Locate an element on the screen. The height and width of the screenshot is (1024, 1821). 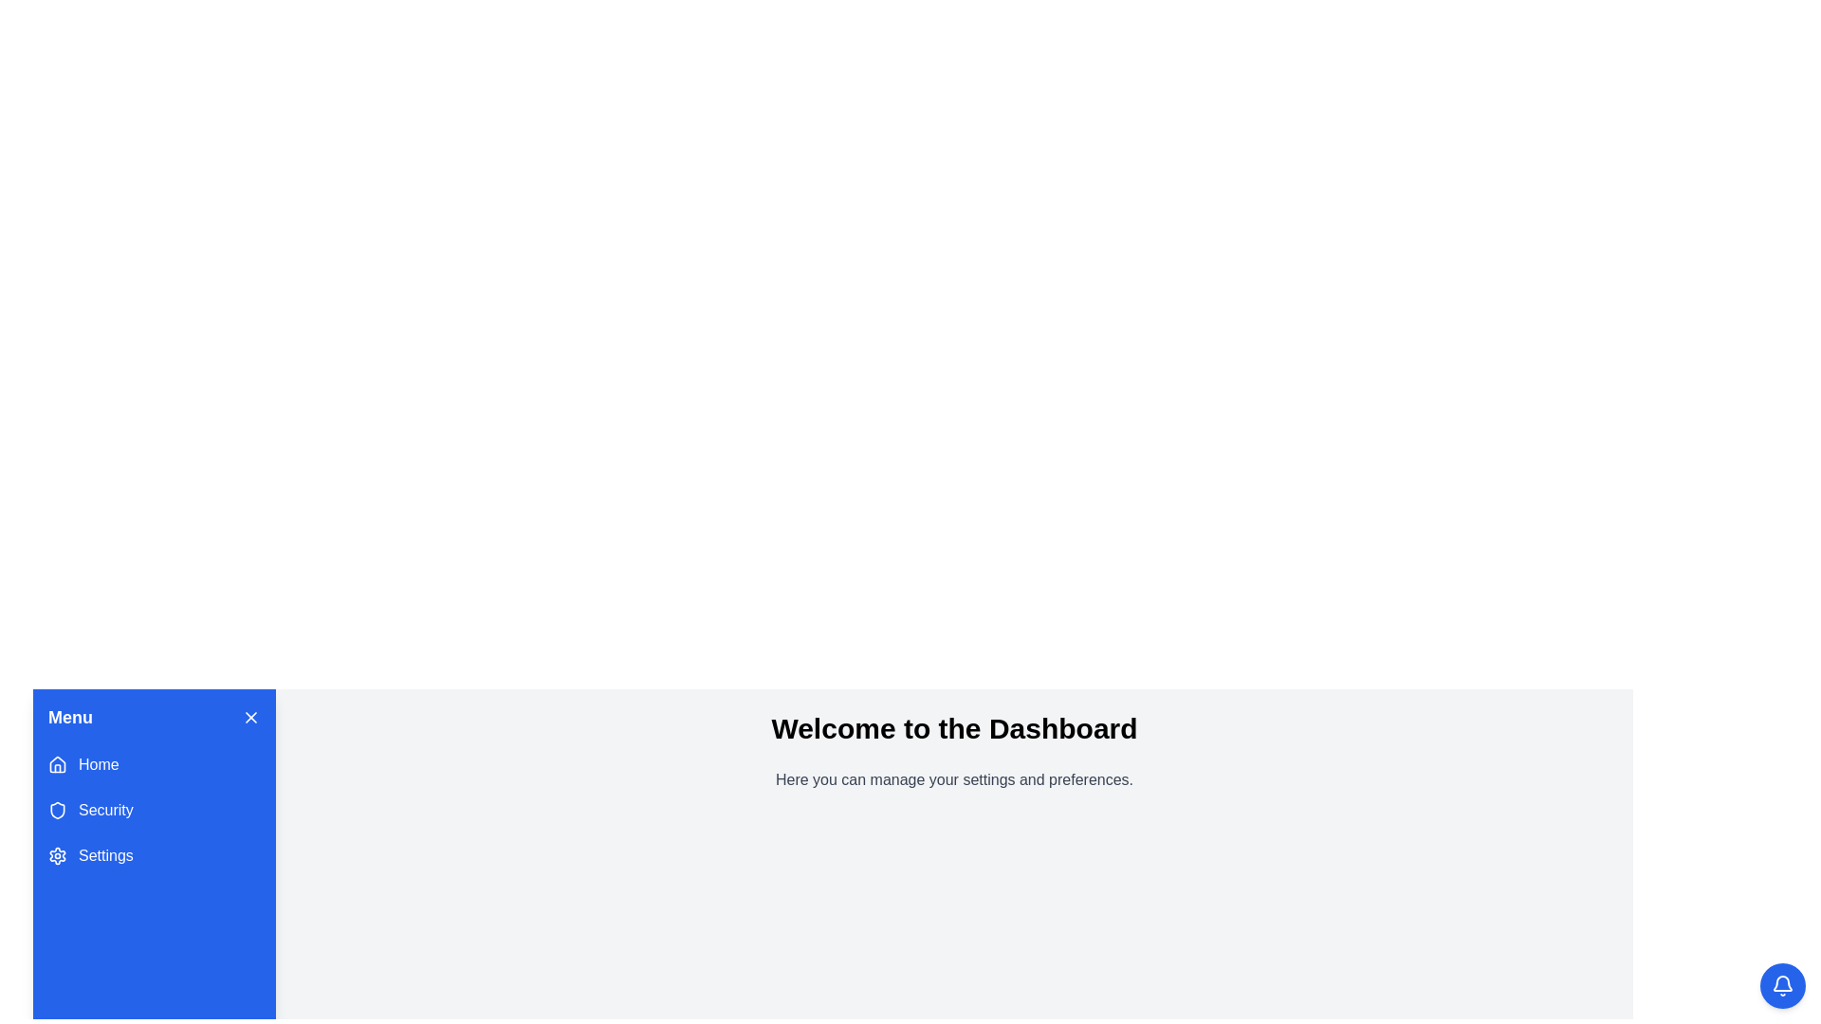
the small 'X' icon button is located at coordinates (249, 717).